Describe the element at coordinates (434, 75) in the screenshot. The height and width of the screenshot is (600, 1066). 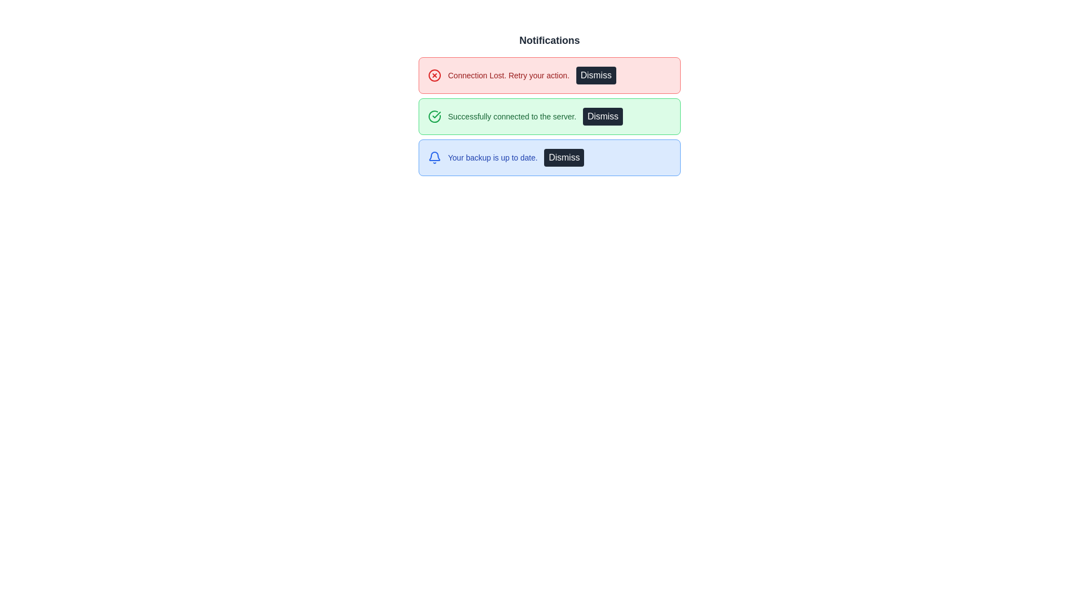
I see `the circular red icon with a white background and a cross symbol, located at the left end of the top notification bar, next to the text 'Connection Lost. Retry your action.'` at that location.